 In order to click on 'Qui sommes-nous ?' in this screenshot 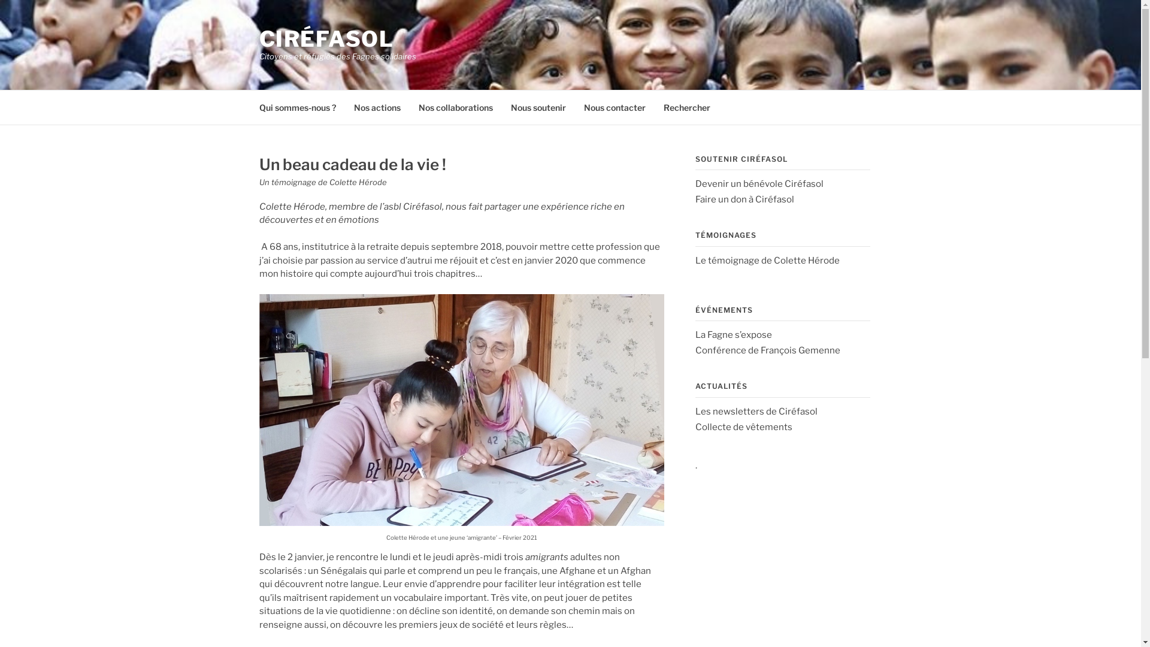, I will do `click(296, 106)`.